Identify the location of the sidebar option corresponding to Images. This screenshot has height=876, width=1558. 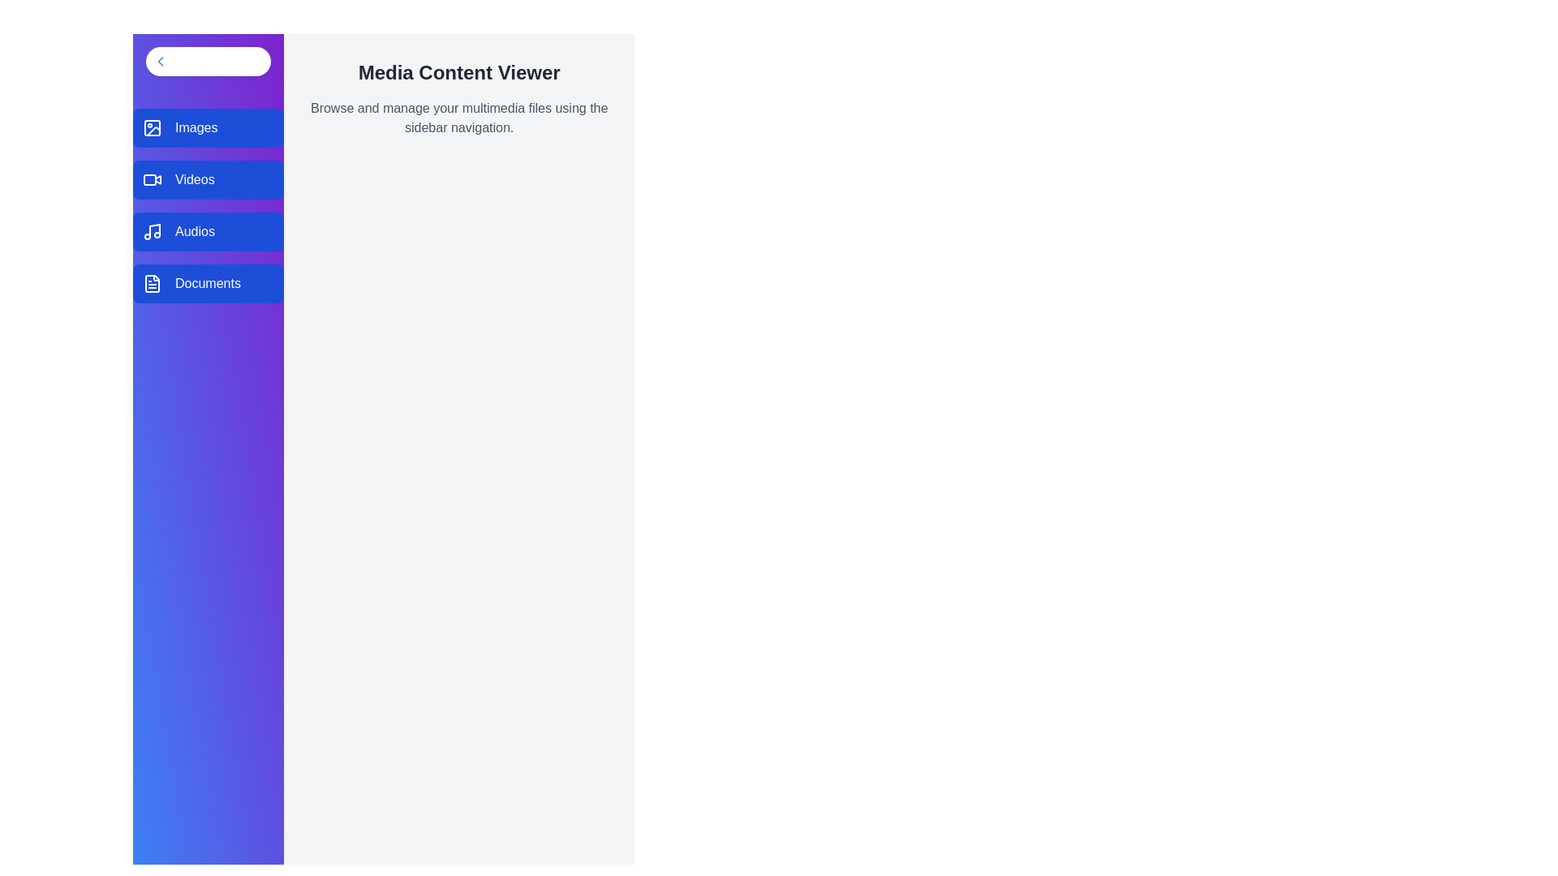
(208, 127).